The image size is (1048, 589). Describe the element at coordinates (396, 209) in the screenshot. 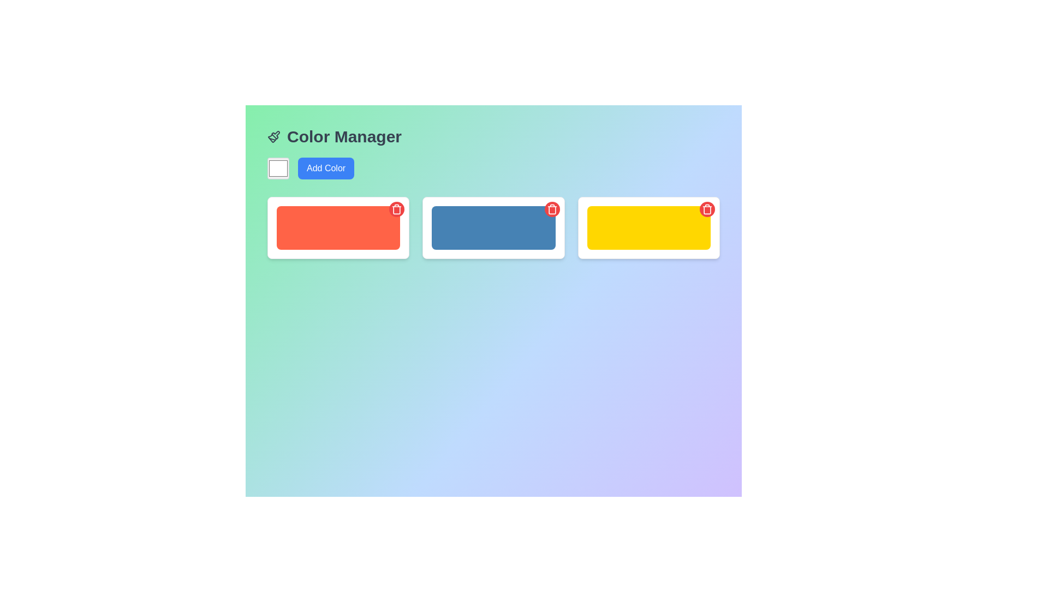

I see `the trash can icon button, which is a minimalistic red icon indicating deletion, located in the top-right corner of the leftmost red rectangular card` at that location.